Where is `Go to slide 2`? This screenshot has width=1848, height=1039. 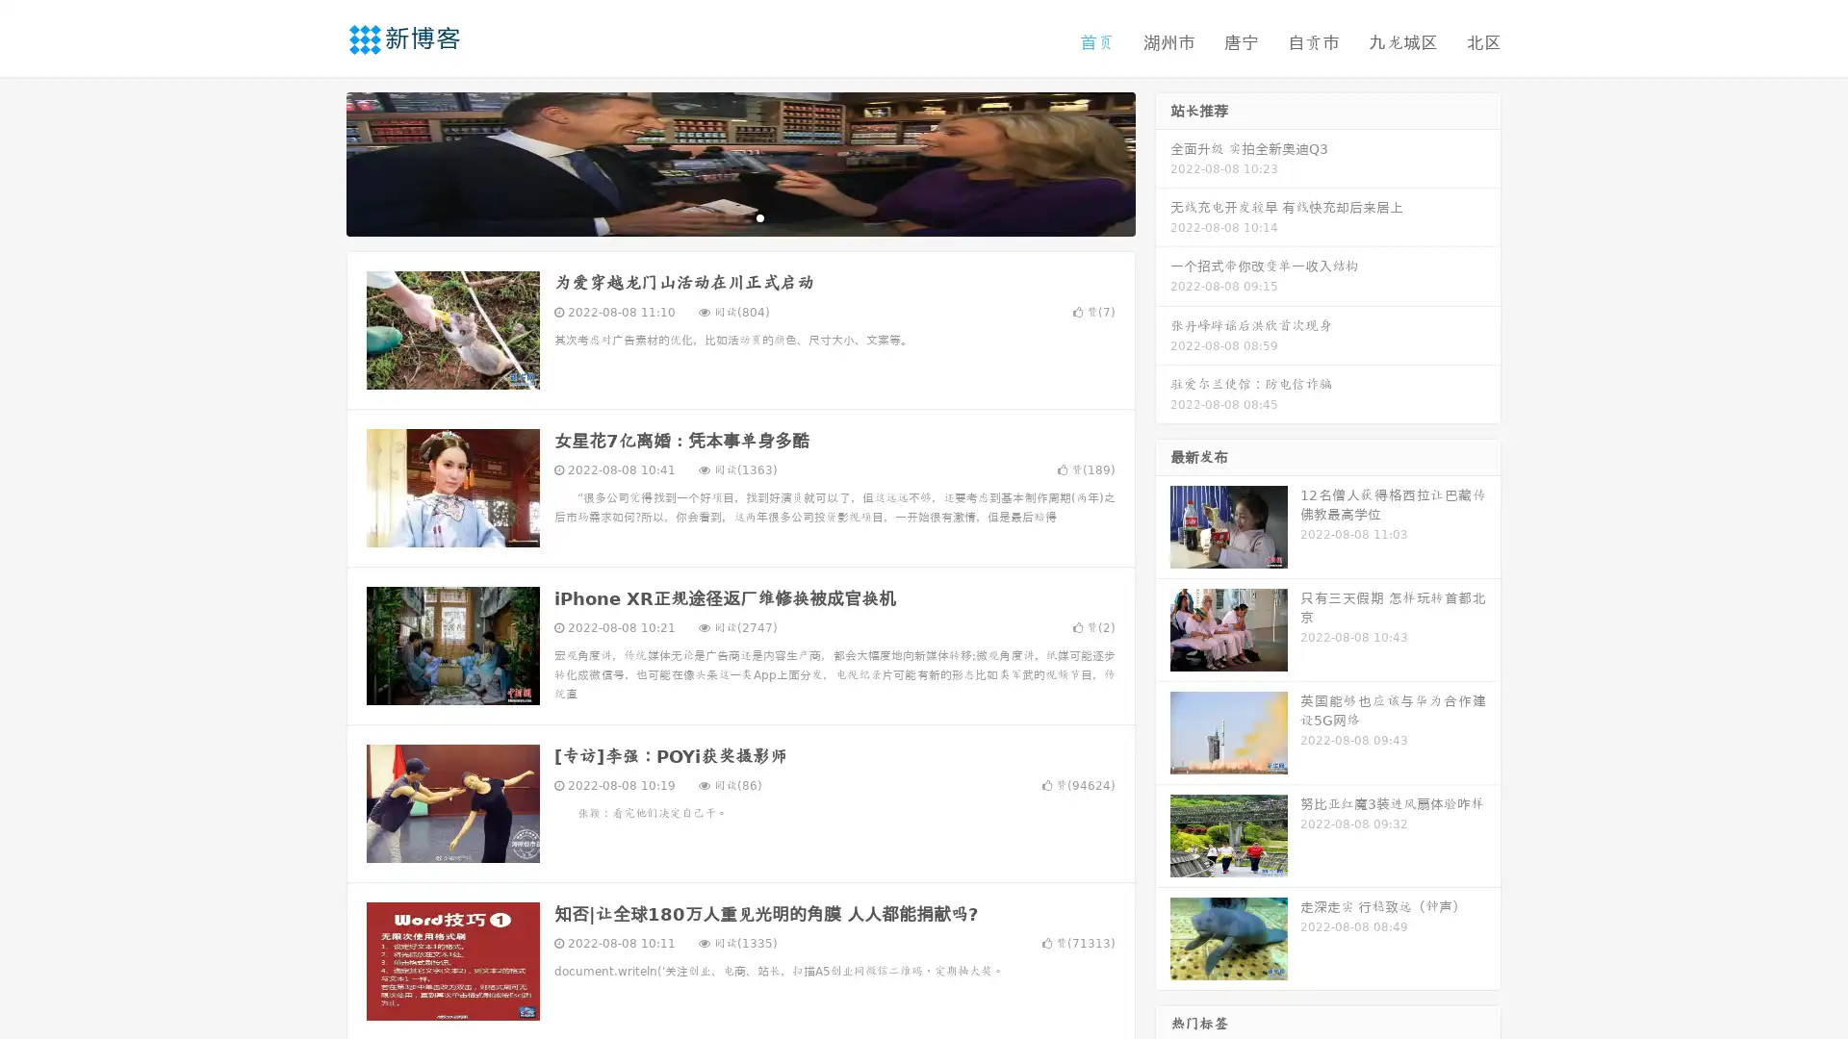
Go to slide 2 is located at coordinates (739, 216).